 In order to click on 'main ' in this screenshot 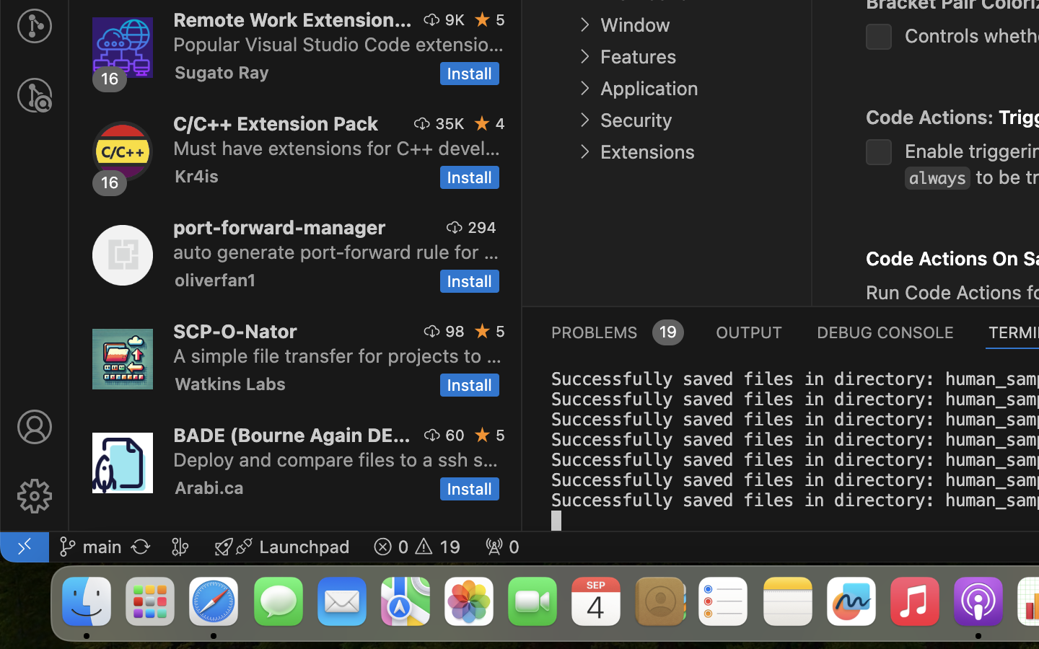, I will do `click(89, 545)`.